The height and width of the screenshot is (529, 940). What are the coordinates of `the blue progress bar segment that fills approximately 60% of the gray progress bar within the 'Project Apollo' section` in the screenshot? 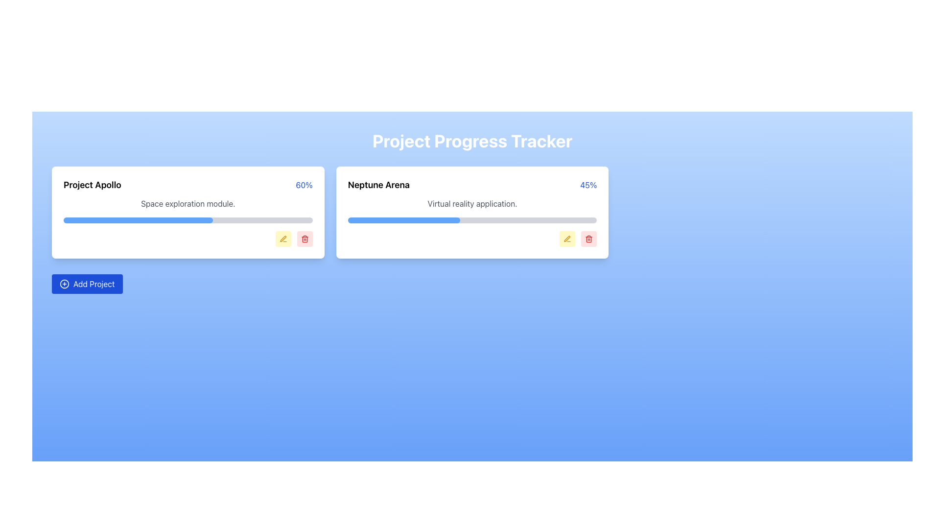 It's located at (138, 220).